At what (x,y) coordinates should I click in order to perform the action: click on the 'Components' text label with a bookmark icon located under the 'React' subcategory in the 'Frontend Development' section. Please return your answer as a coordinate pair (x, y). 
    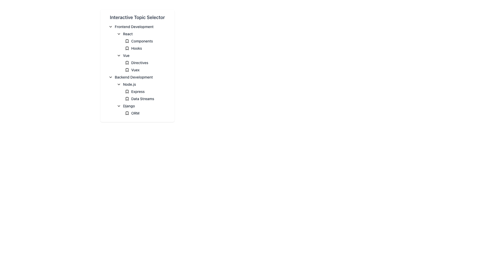
    Looking at the image, I should click on (147, 41).